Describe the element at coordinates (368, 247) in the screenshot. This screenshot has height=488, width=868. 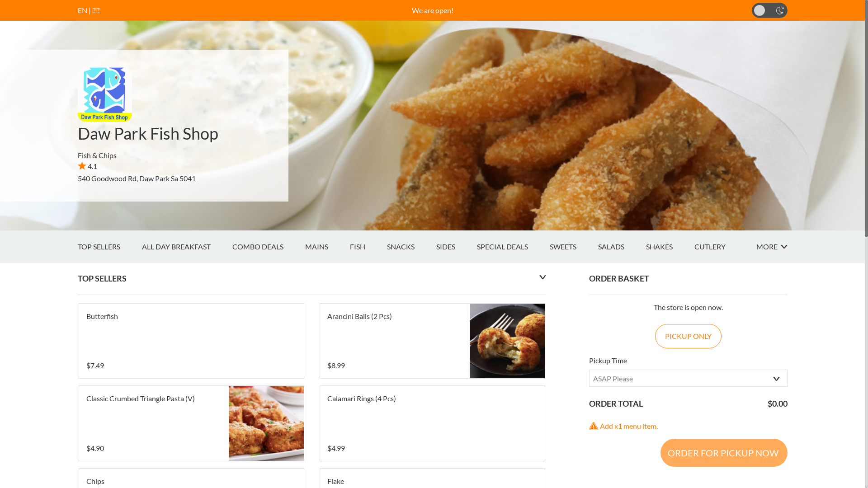
I see `'FISH'` at that location.